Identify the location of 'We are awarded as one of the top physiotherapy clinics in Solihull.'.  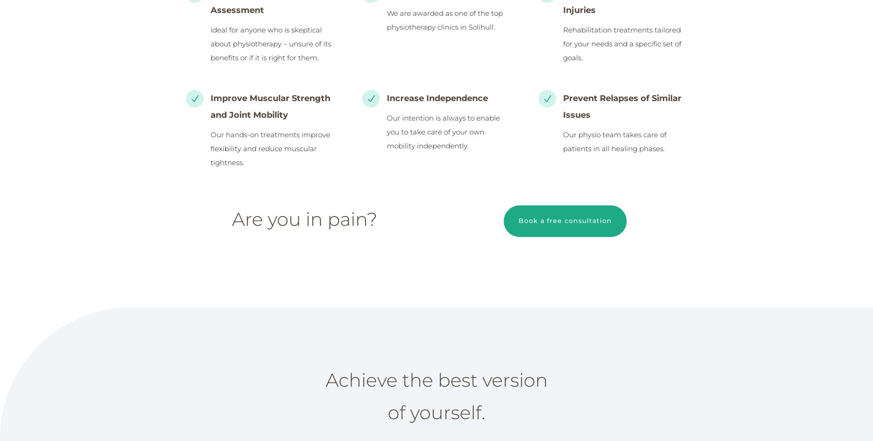
(443, 20).